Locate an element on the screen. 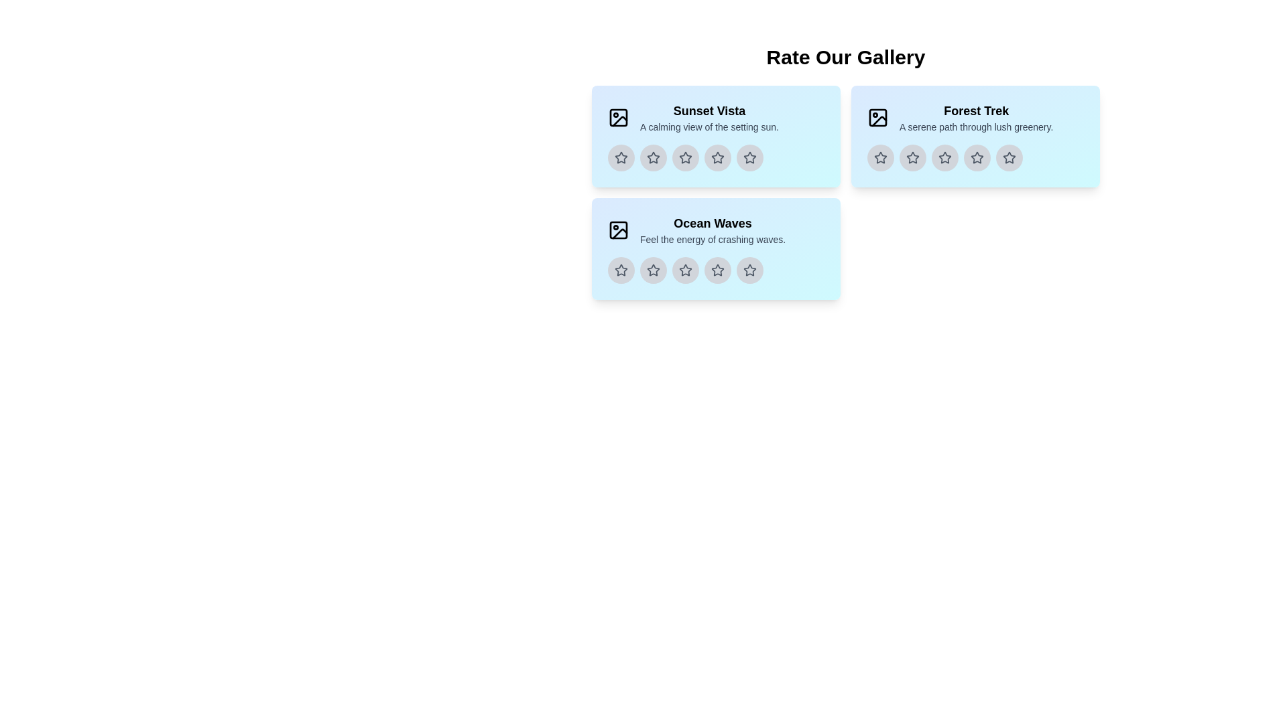 The width and height of the screenshot is (1287, 723). the first rating button under the 'Forest Trek' section is located at coordinates (881, 157).